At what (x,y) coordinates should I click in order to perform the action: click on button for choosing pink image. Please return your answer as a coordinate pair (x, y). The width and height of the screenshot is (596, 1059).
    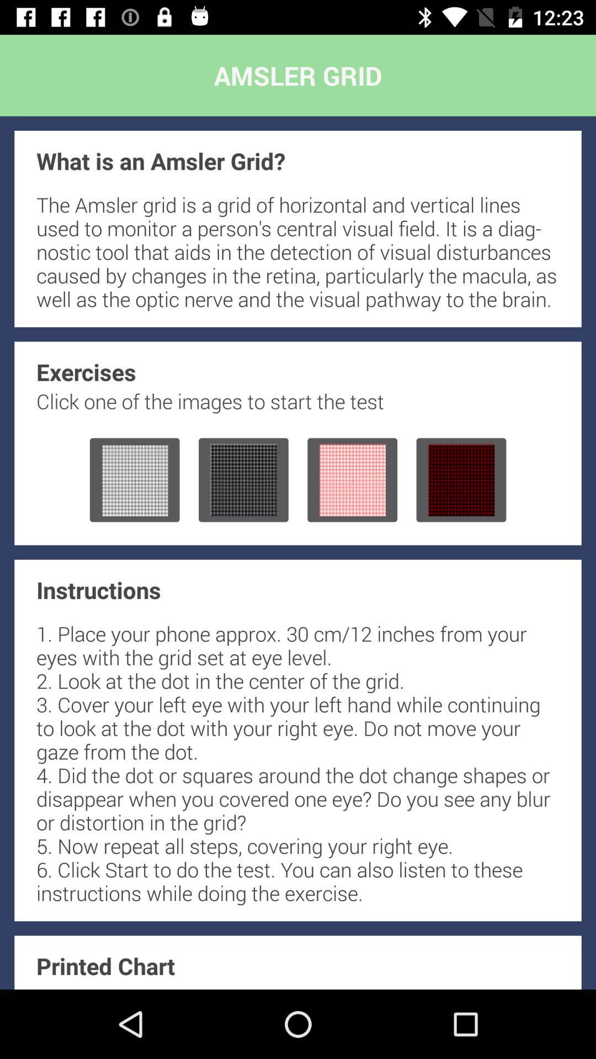
    Looking at the image, I should click on (352, 480).